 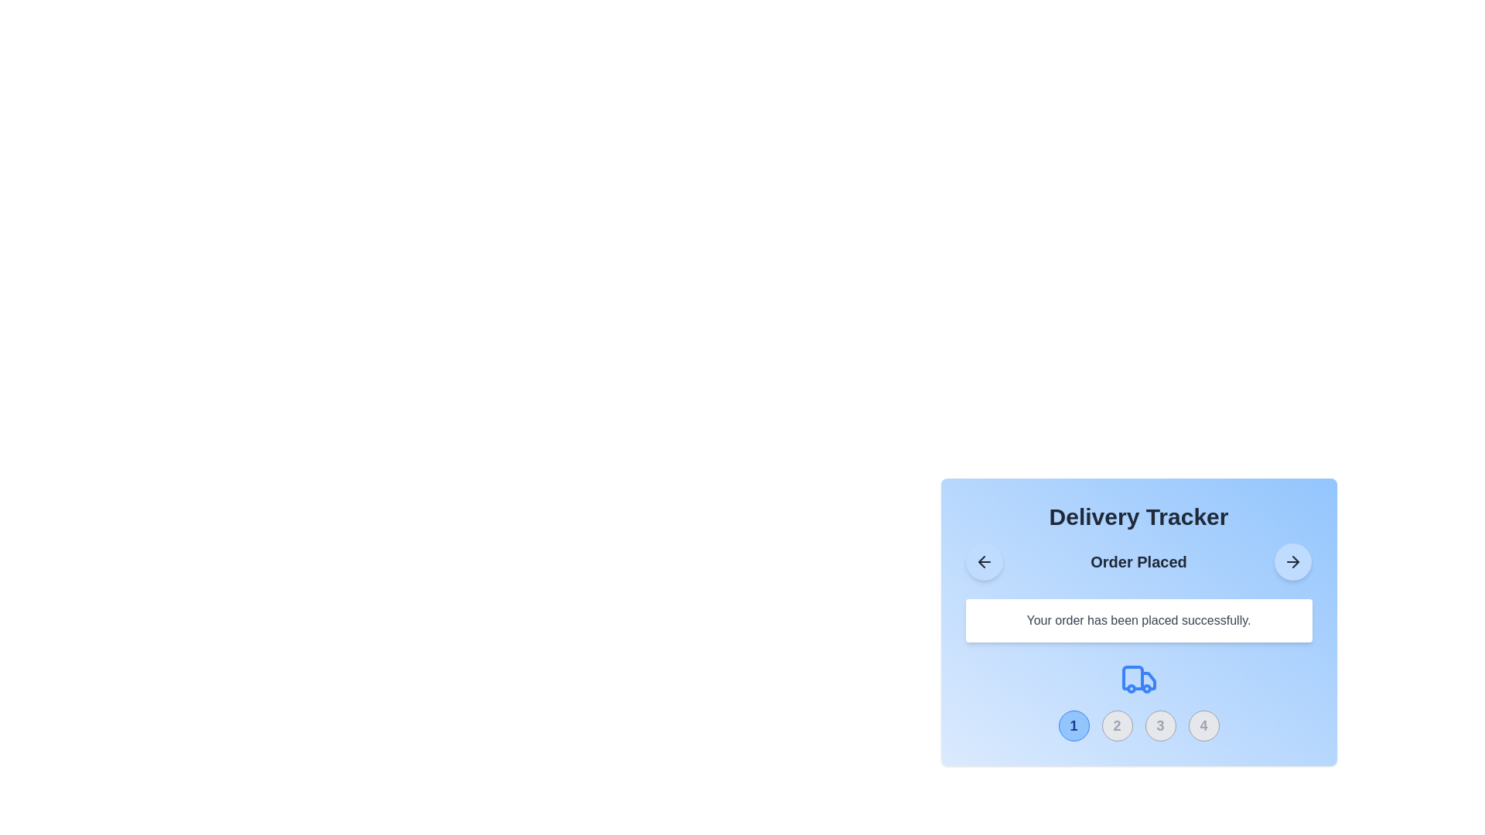 What do you see at coordinates (1203, 725) in the screenshot?
I see `the fourth step indicator button in the 'Delivery Tracker' dialog box to trigger a tooltip` at bounding box center [1203, 725].